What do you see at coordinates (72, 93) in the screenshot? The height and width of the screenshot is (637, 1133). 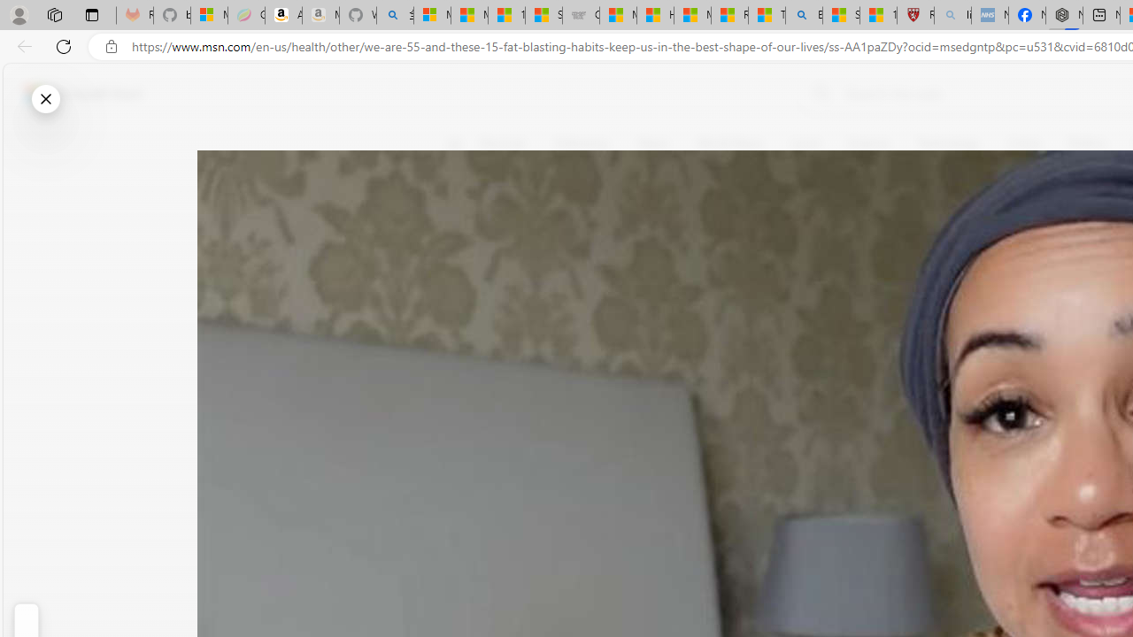 I see `'Skip to footer'` at bounding box center [72, 93].